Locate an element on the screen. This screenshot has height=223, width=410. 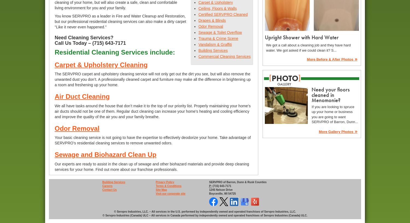
'Air Duct Cleaning' is located at coordinates (82, 96).